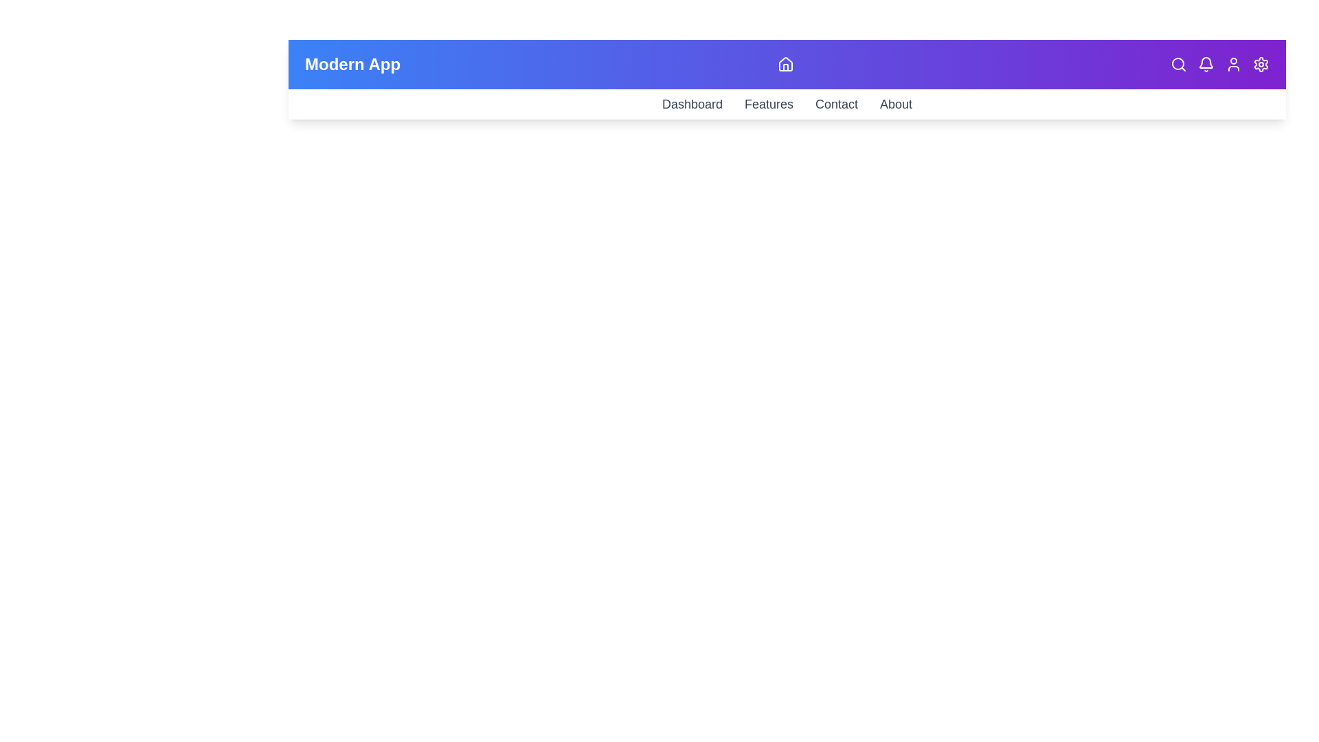  Describe the element at coordinates (1261, 64) in the screenshot. I see `the Settings icon to simulate its action` at that location.